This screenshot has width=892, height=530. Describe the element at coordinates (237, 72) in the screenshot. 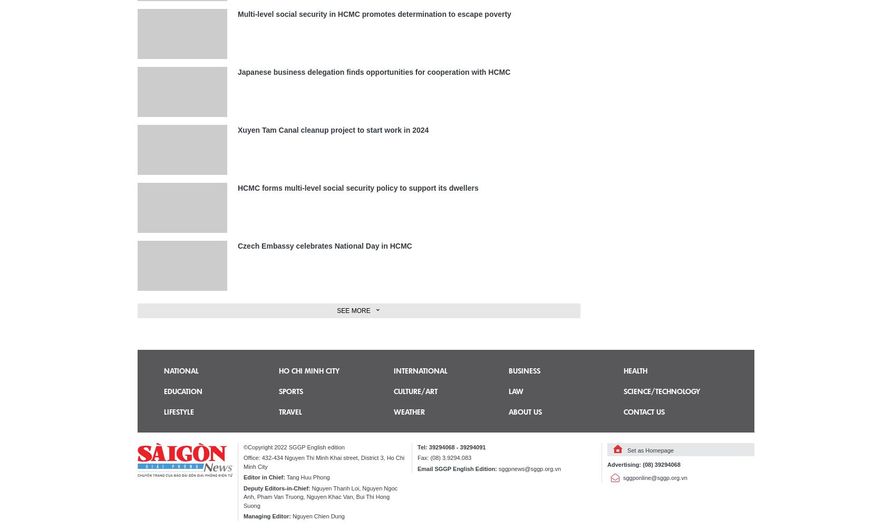

I see `'Japanese business delegation finds opportunities for cooperation with HCMC'` at that location.